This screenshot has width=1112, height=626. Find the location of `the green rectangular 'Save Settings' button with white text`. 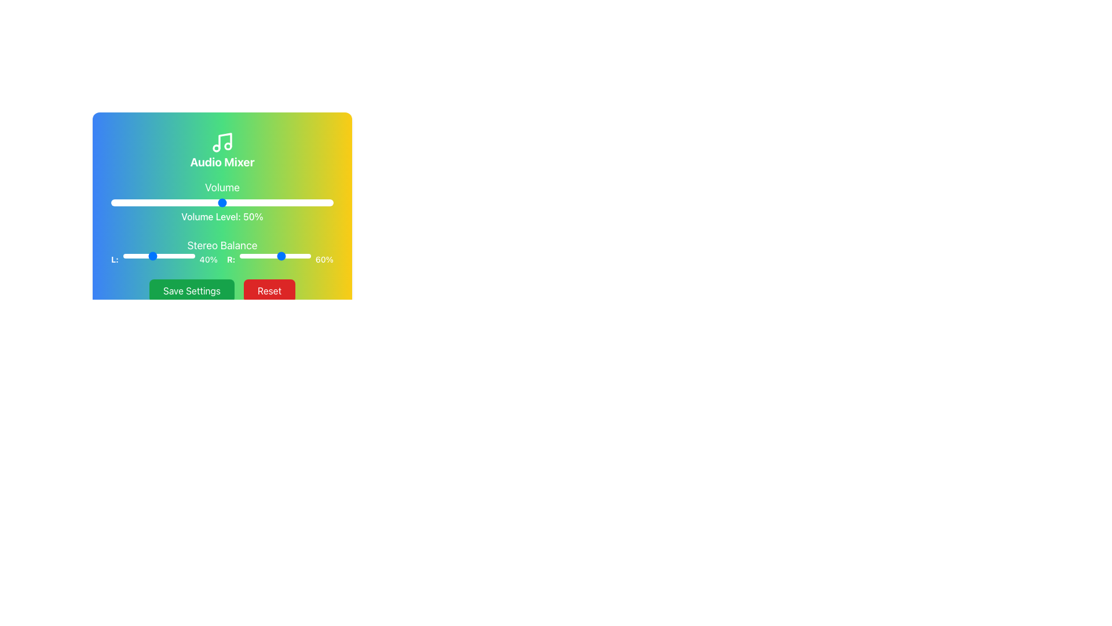

the green rectangular 'Save Settings' button with white text is located at coordinates (192, 290).